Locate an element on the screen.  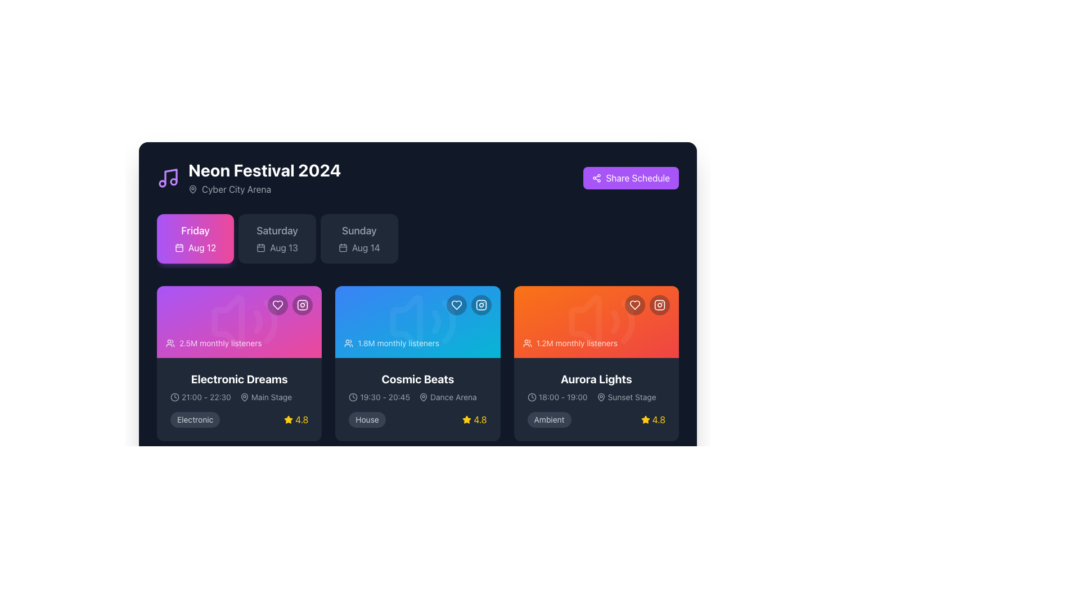
the Text block with inline icons that provides information about the 'Electronic Dreams' event is located at coordinates (238, 396).